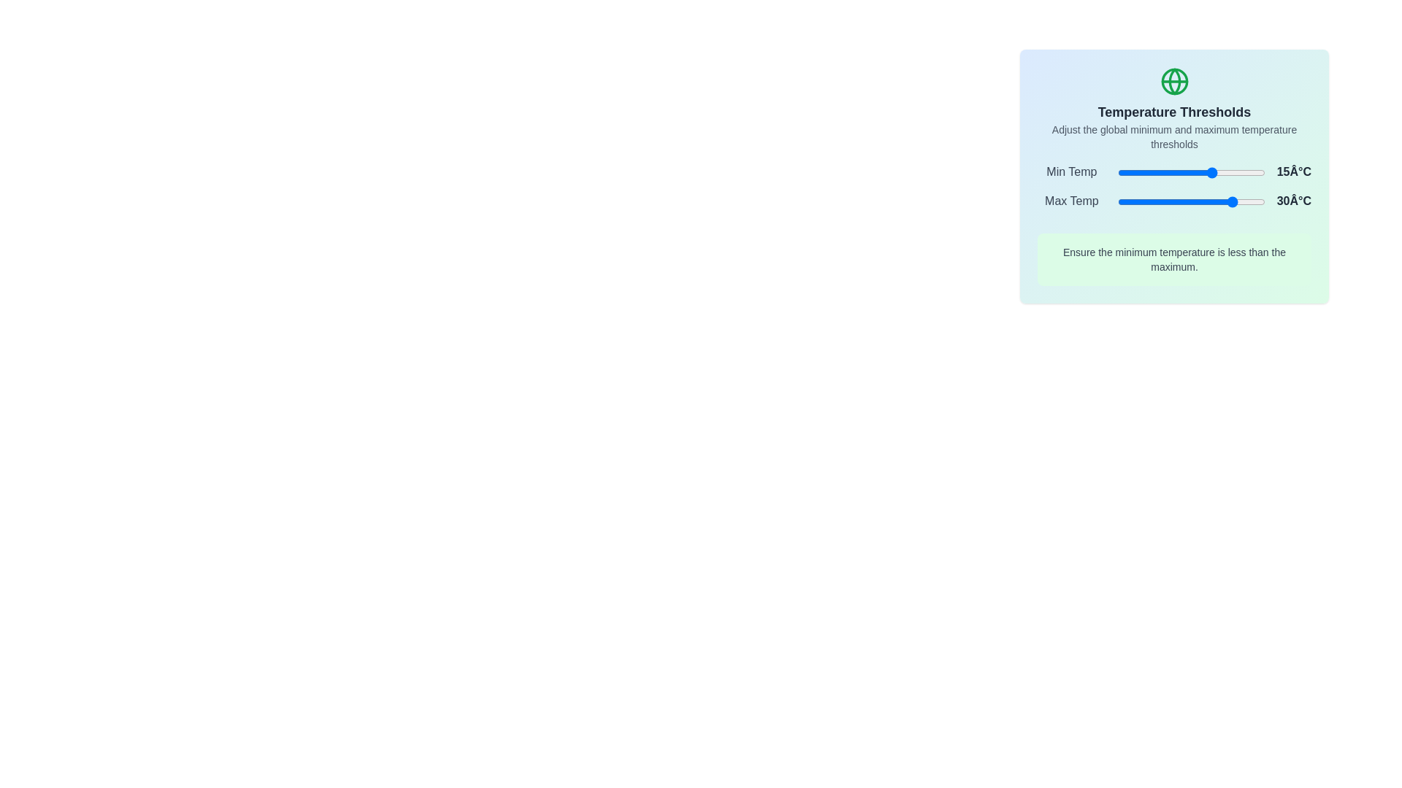 This screenshot has width=1402, height=788. What do you see at coordinates (1175, 171) in the screenshot?
I see `the minimum temperature slider to -11°C` at bounding box center [1175, 171].